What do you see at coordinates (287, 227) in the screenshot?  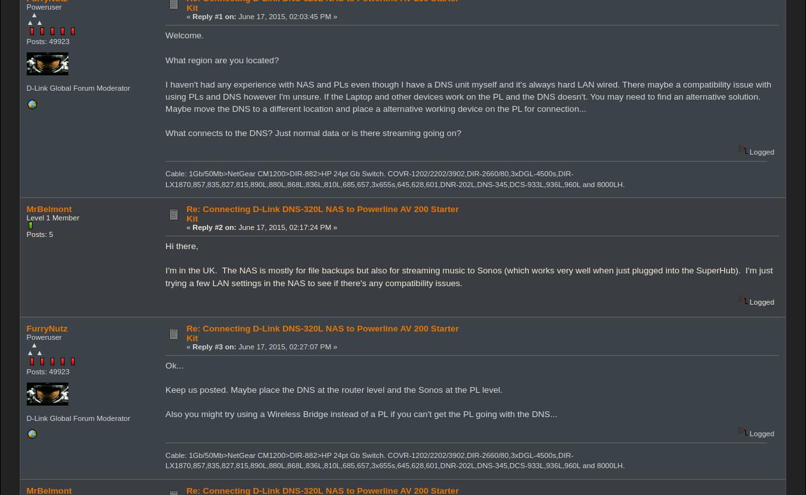 I see `'June 17, 2015, 02:17:24 PM »'` at bounding box center [287, 227].